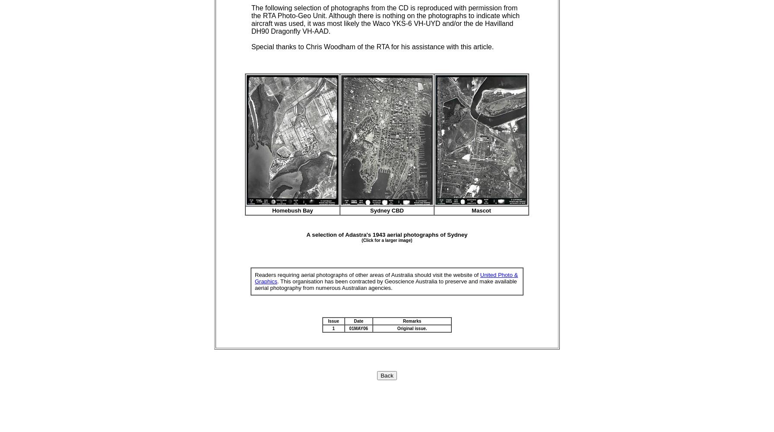 Image resolution: width=774 pixels, height=432 pixels. What do you see at coordinates (367, 274) in the screenshot?
I see `'Readers requiring 
              aerial photographs of other areas of Australia should visit the 
              website of'` at bounding box center [367, 274].